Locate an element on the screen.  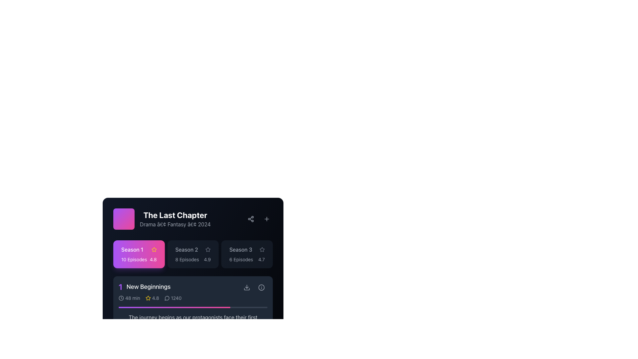
the star icon located in the rating section under 'Season 1' is located at coordinates (262, 249).